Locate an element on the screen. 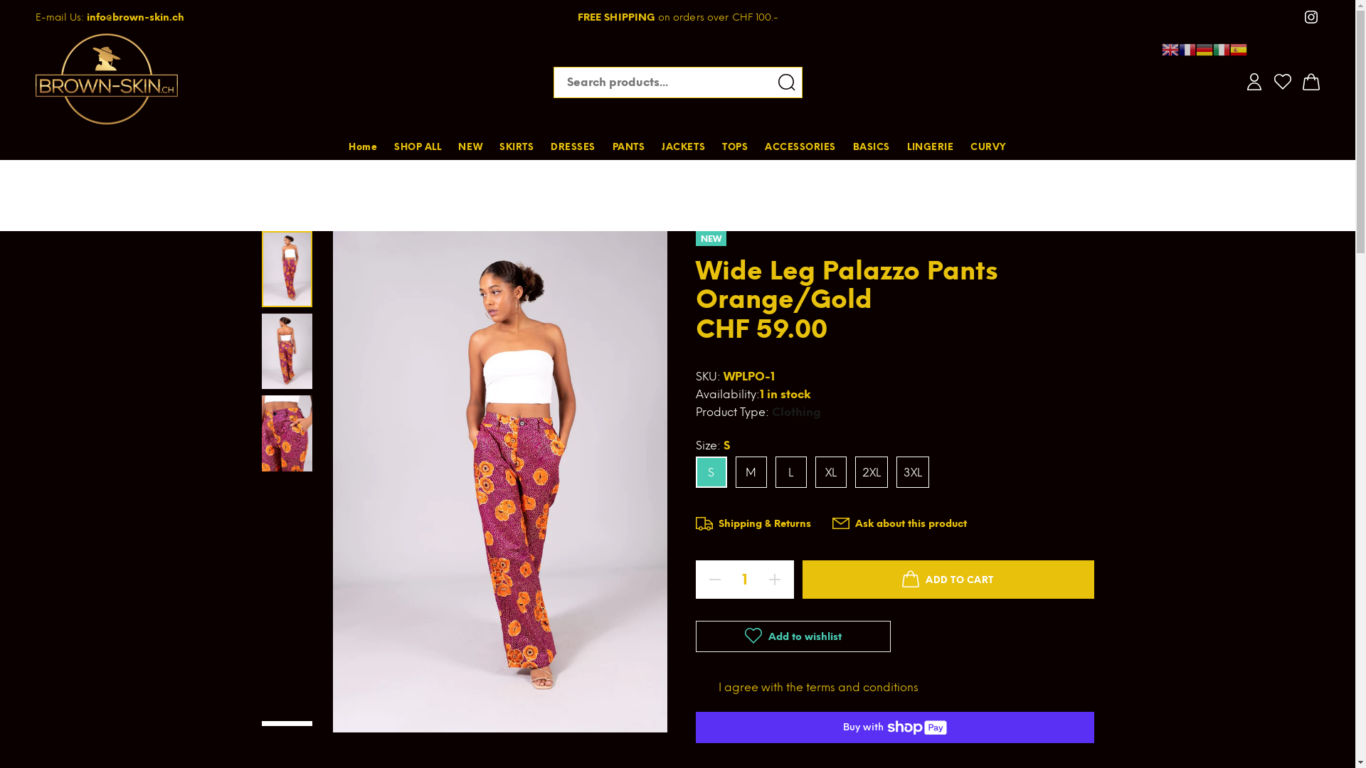 The width and height of the screenshot is (1366, 768). 'S' is located at coordinates (711, 471).